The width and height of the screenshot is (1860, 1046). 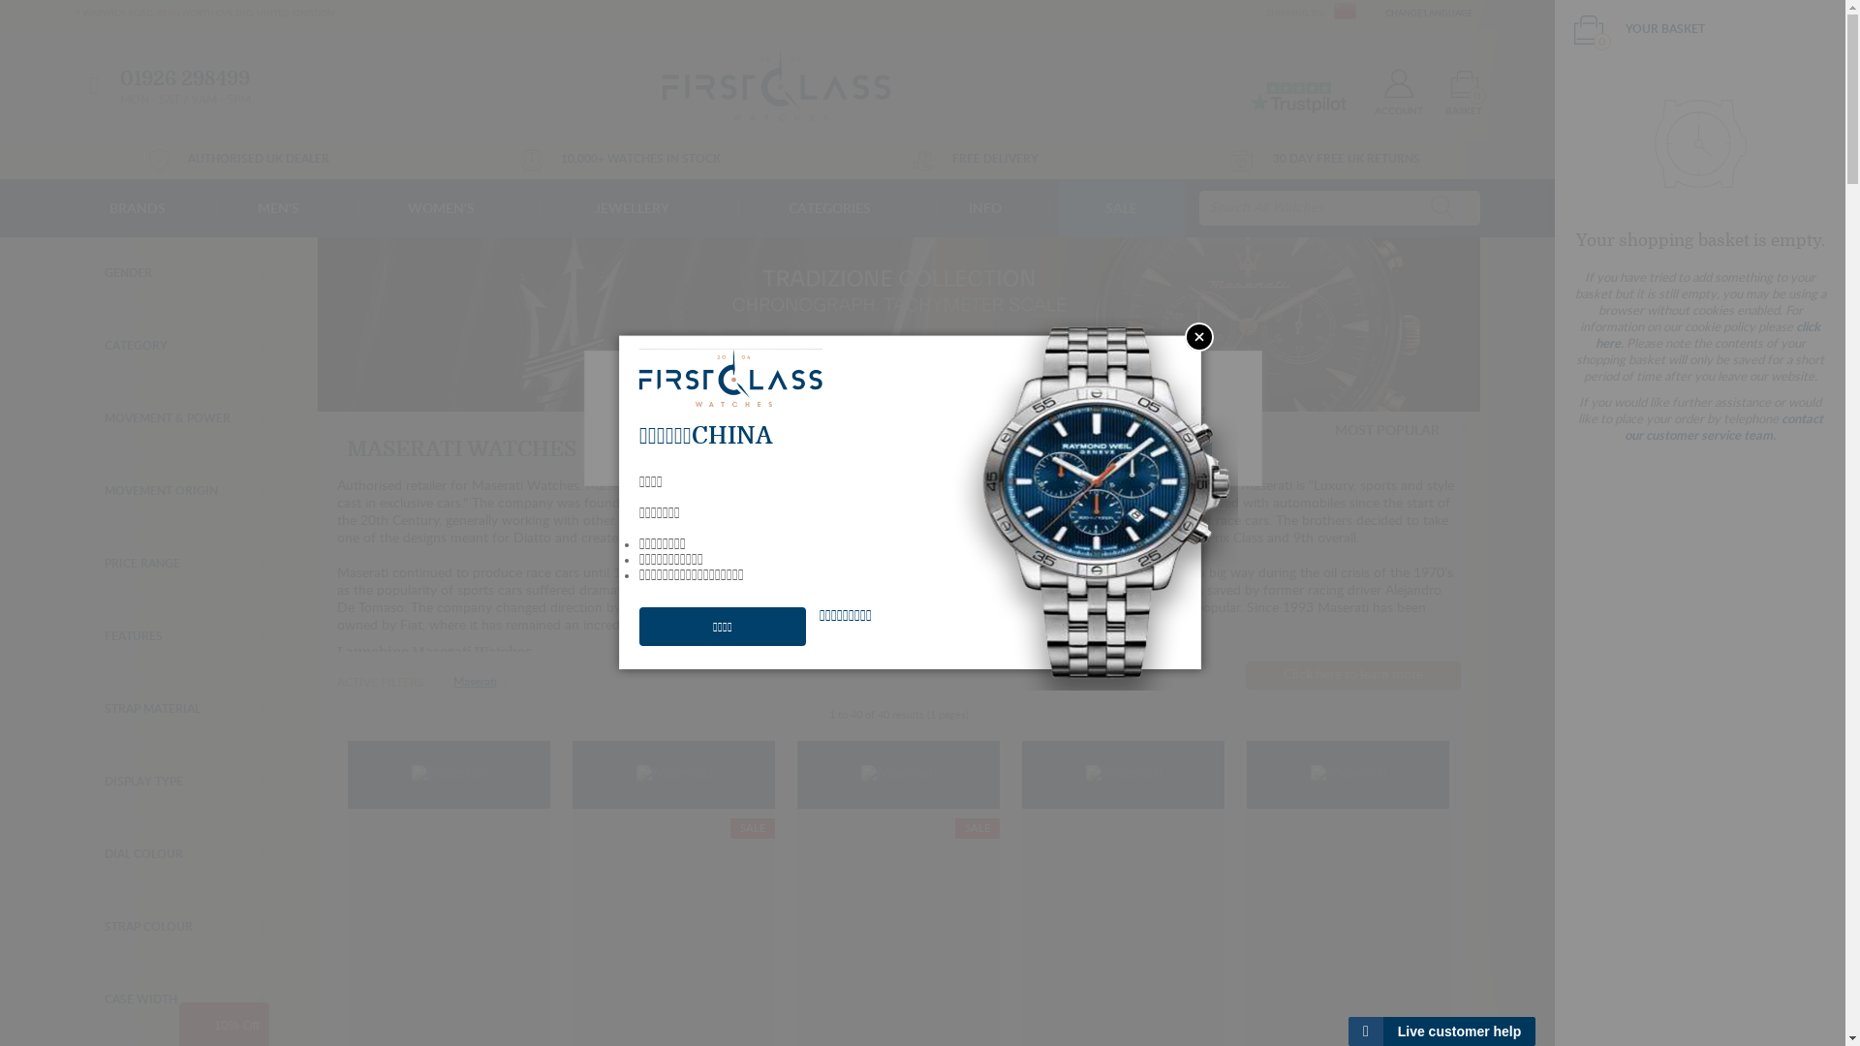 I want to click on 'contact our customer service team.', so click(x=1723, y=427).